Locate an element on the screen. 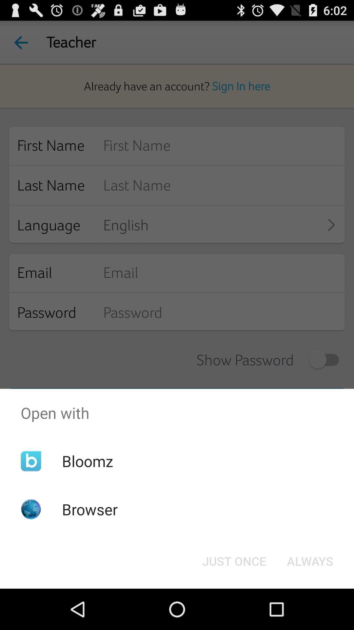 This screenshot has width=354, height=630. the item below open with is located at coordinates (87, 461).